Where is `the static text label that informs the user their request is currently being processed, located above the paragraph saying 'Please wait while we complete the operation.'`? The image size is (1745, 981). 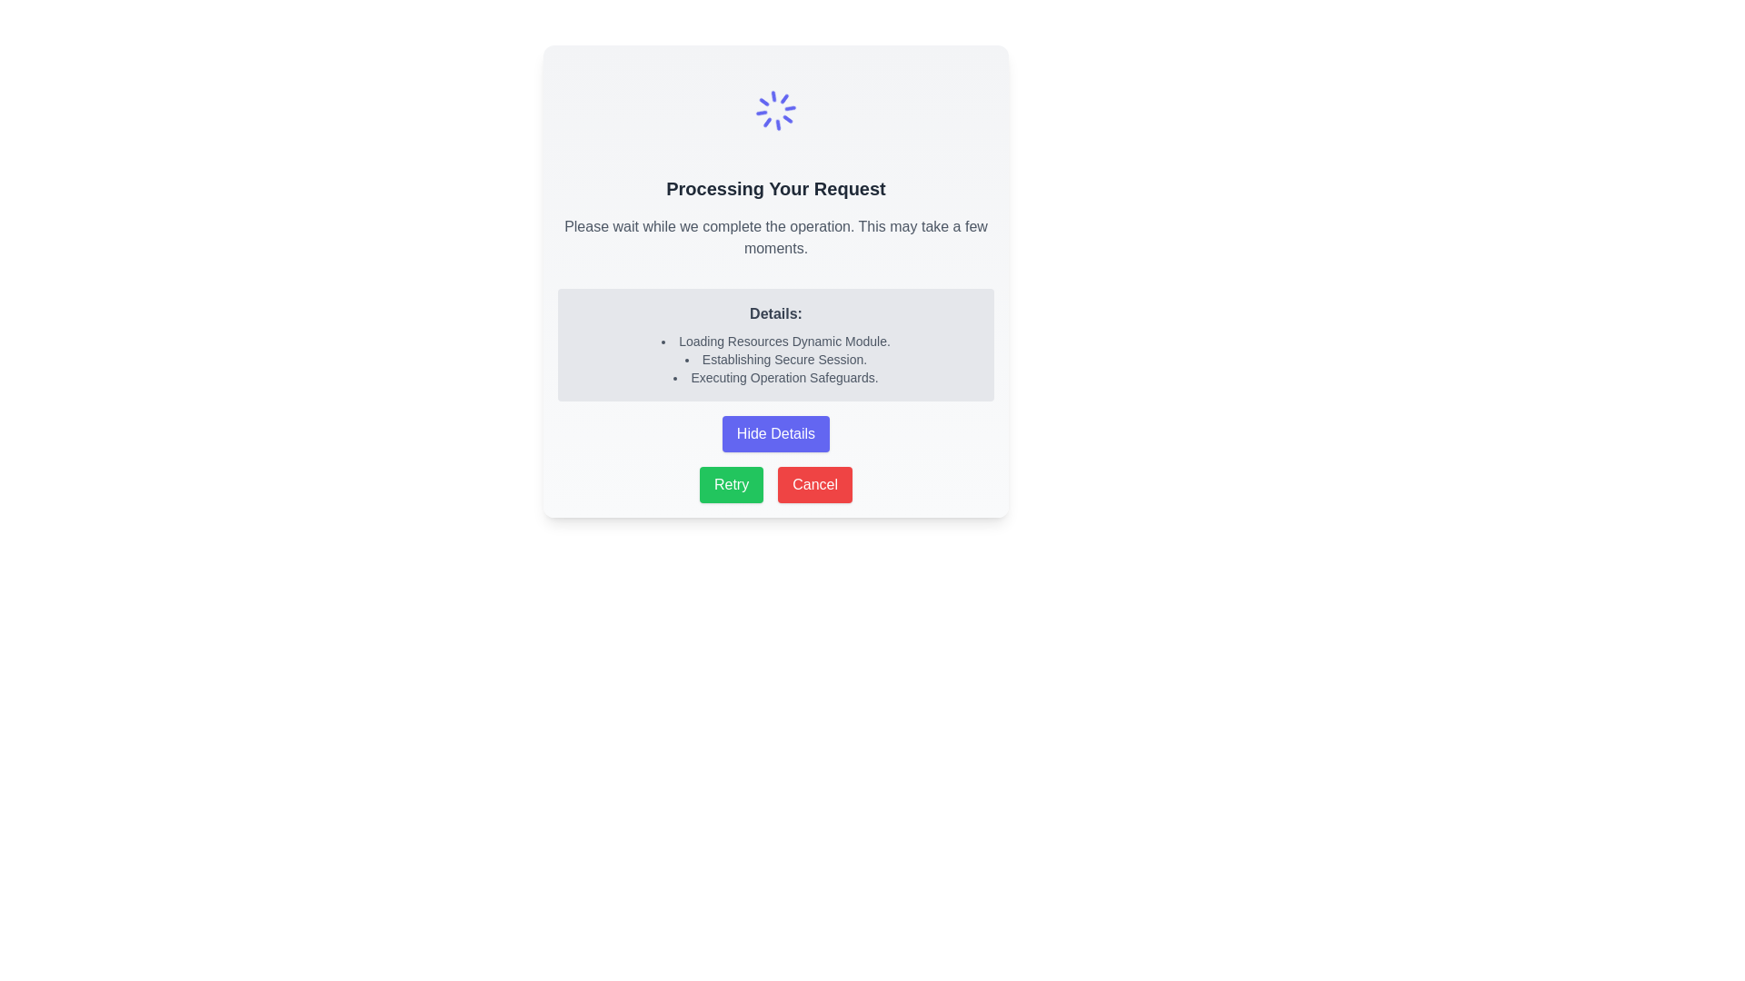
the static text label that informs the user their request is currently being processed, located above the paragraph saying 'Please wait while we complete the operation.' is located at coordinates (776, 189).